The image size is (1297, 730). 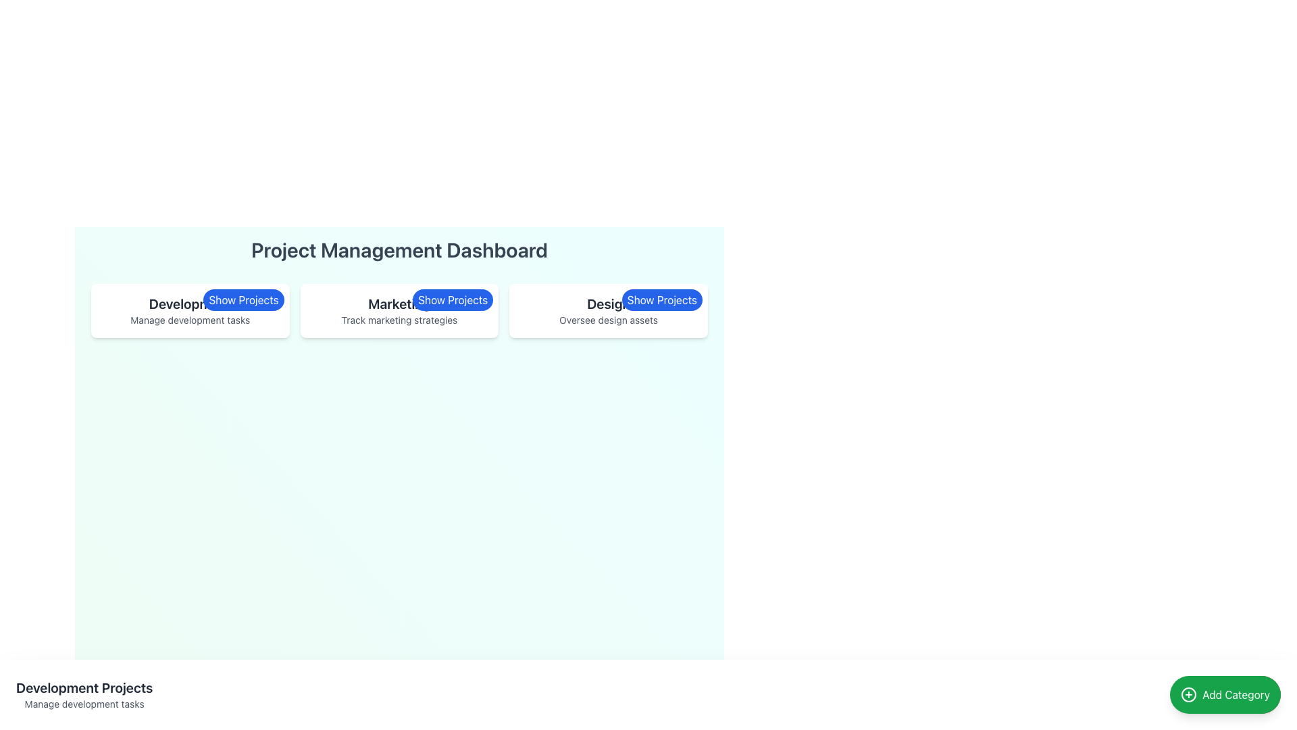 What do you see at coordinates (243, 299) in the screenshot?
I see `the 'Show Projects' button with a blue background and white text located in the top-right corner of the 'Development' card` at bounding box center [243, 299].